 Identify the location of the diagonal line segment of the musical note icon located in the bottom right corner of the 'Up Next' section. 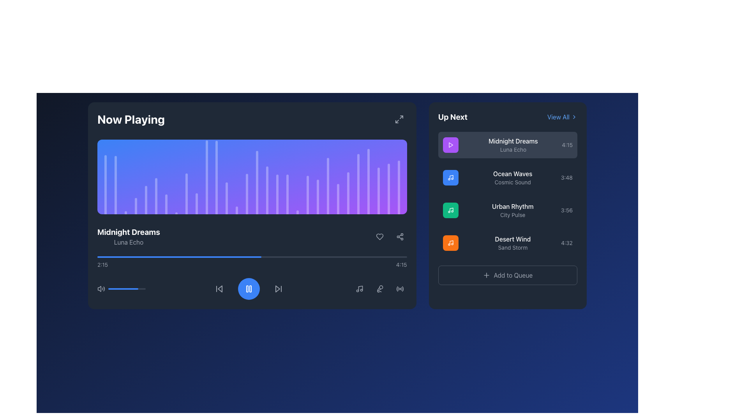
(451, 242).